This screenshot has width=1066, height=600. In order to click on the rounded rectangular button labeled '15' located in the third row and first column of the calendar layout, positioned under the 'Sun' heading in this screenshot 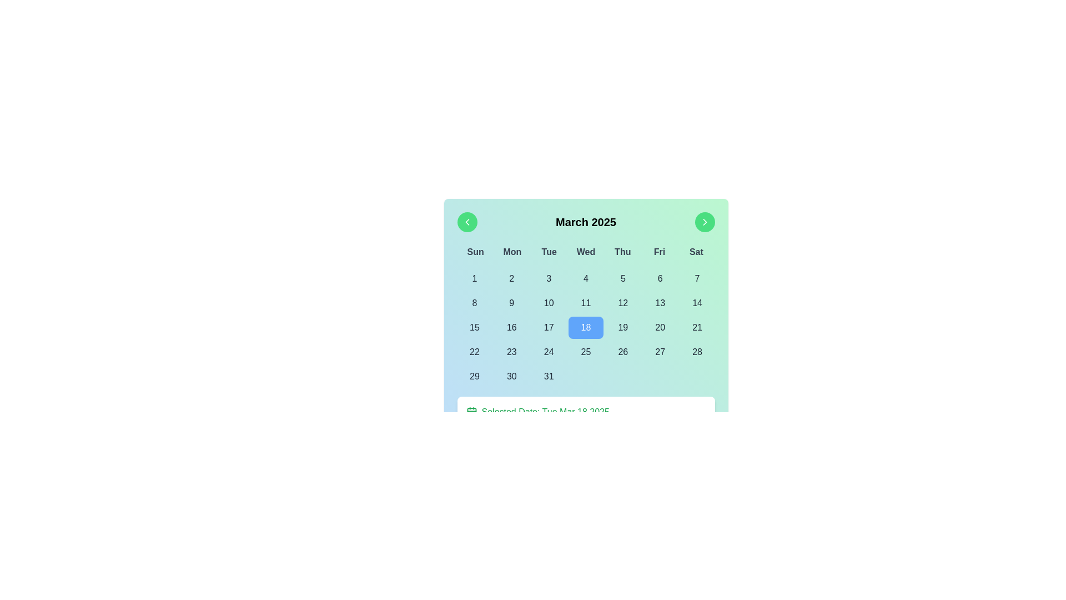, I will do `click(474, 327)`.